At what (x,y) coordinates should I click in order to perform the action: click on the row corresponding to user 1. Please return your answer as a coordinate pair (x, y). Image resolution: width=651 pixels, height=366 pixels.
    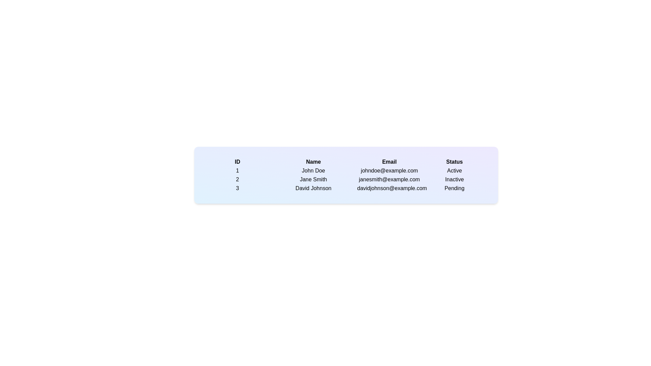
    Looking at the image, I should click on (237, 170).